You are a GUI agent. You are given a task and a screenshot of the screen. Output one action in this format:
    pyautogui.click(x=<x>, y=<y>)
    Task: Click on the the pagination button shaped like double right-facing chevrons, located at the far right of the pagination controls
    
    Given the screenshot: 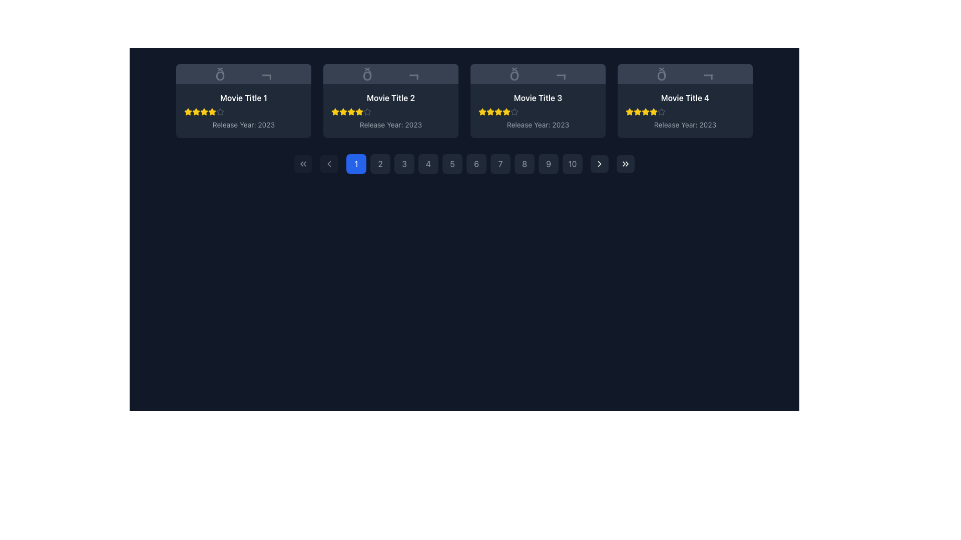 What is the action you would take?
    pyautogui.click(x=625, y=163)
    